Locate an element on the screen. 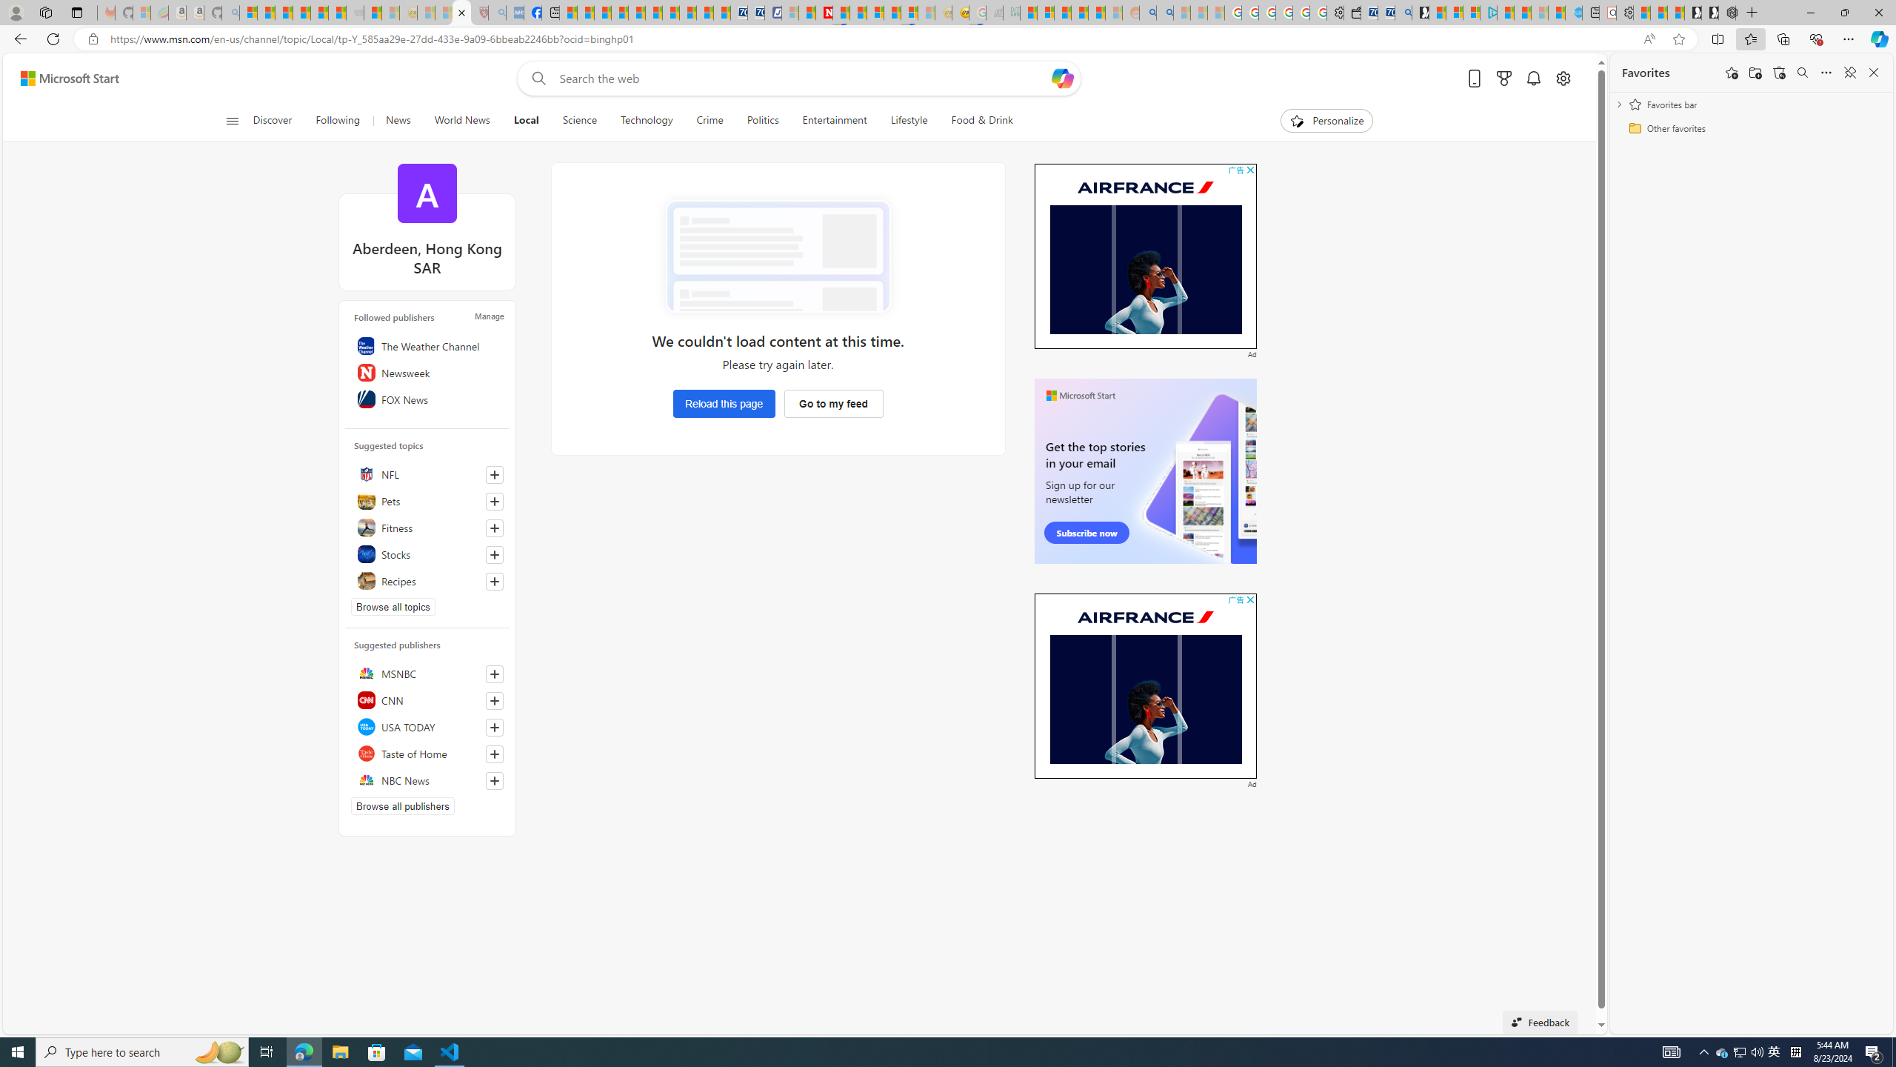  'Personalize' is located at coordinates (1326, 120).